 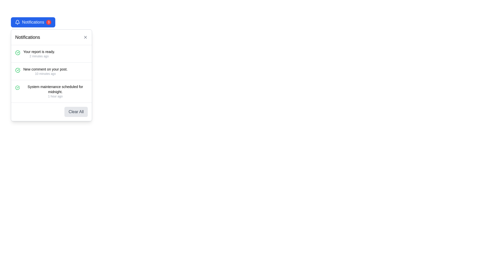 I want to click on the first notification item in the vertically ordered notification list, which is positioned directly below a green check icon, so click(x=39, y=54).